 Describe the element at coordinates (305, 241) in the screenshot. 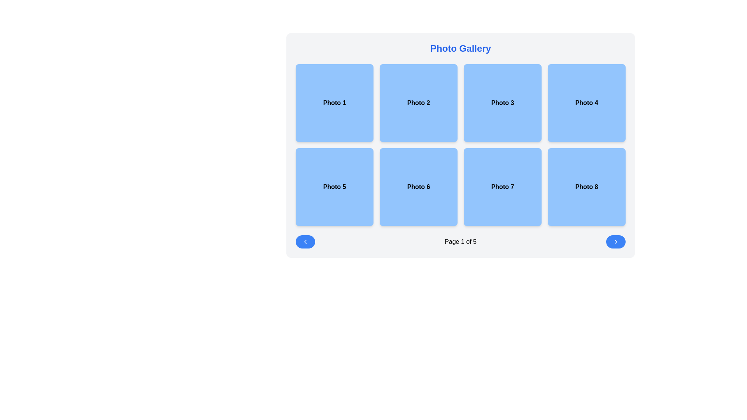

I see `the left-pointing triangular arrow icon located within the circular button at the bottom-left corner of the photo gallery interface` at that location.